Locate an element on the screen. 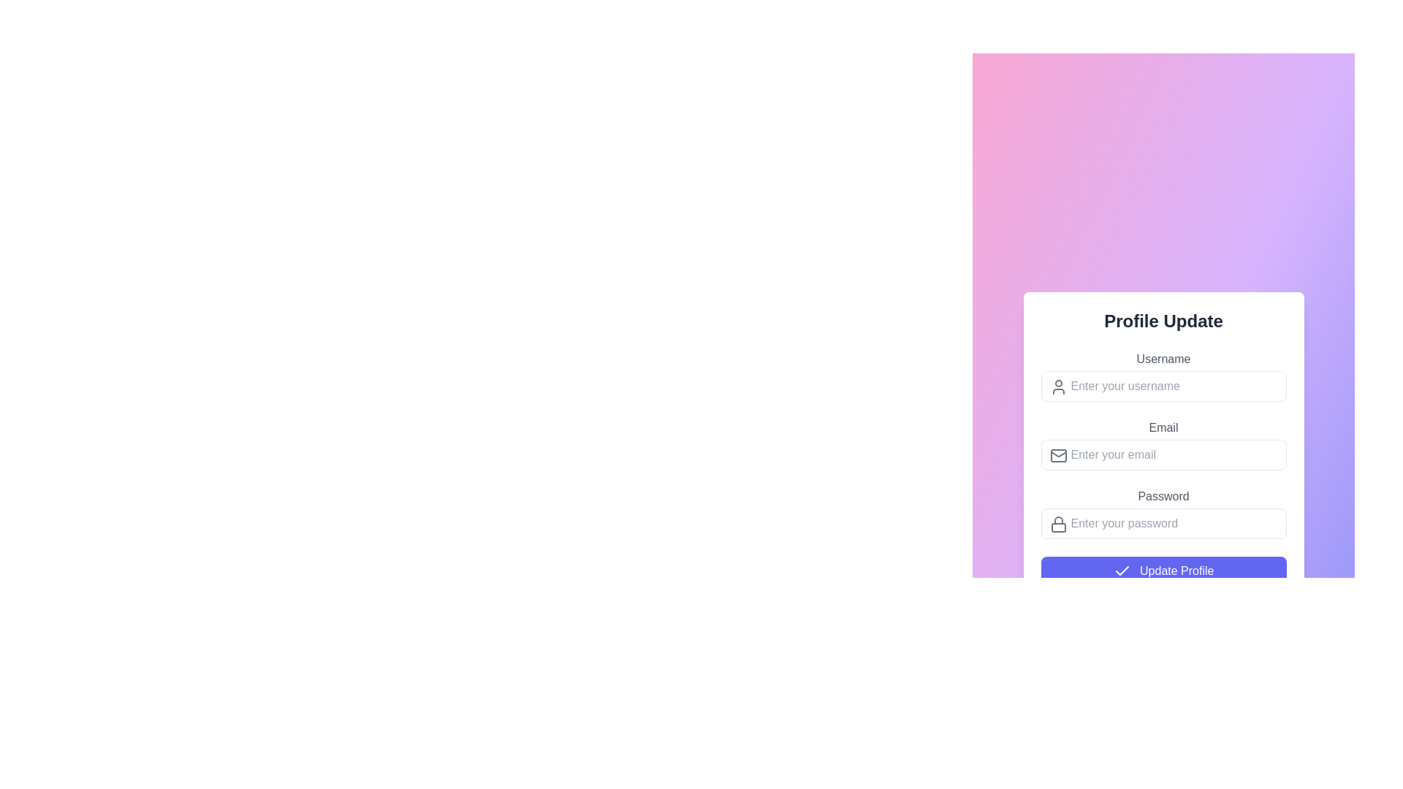  the small, circular checkmark icon located on the left side of the 'Update Profile' button, which has a bold outline and a slight upward slant is located at coordinates (1121, 571).